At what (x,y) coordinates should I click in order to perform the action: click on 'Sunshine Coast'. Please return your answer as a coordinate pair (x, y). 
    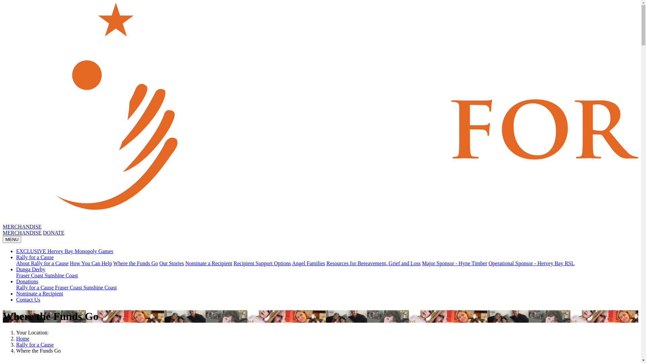
    Looking at the image, I should click on (61, 275).